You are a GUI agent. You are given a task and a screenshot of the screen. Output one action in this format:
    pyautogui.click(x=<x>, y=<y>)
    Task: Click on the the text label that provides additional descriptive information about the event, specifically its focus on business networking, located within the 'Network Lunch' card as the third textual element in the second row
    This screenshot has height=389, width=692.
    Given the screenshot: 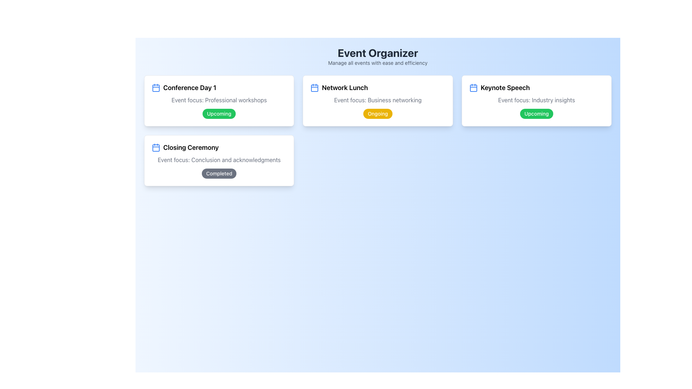 What is the action you would take?
    pyautogui.click(x=377, y=100)
    